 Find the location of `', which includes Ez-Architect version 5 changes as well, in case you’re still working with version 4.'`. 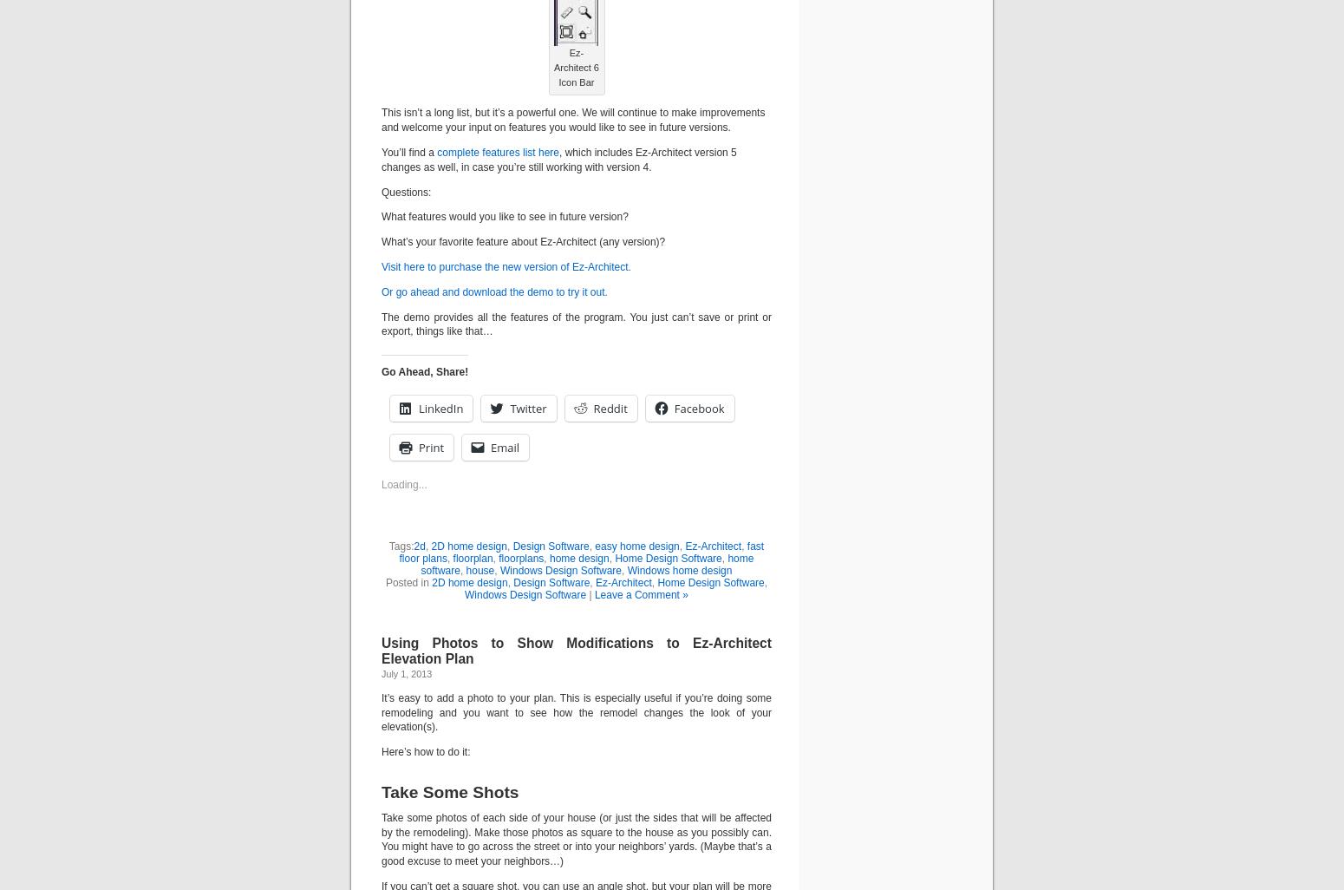

', which includes Ez-Architect version 5 changes as well, in case you’re still working with version 4.' is located at coordinates (558, 158).